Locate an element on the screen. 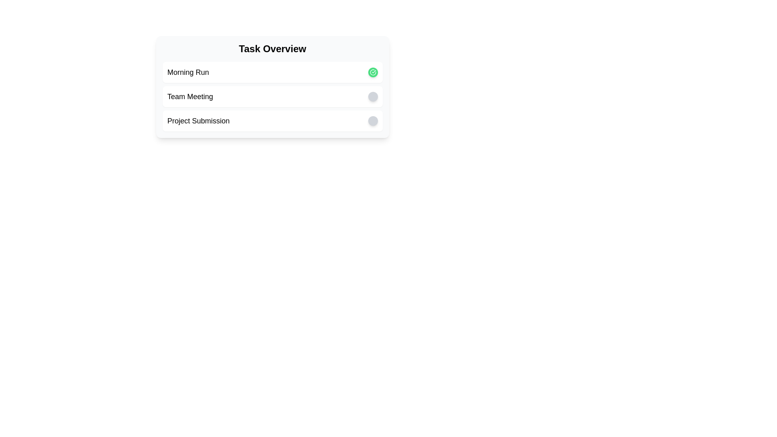  the small, circular gray button located to the far right of the 'Project Submission' row in the task list is located at coordinates (372, 121).